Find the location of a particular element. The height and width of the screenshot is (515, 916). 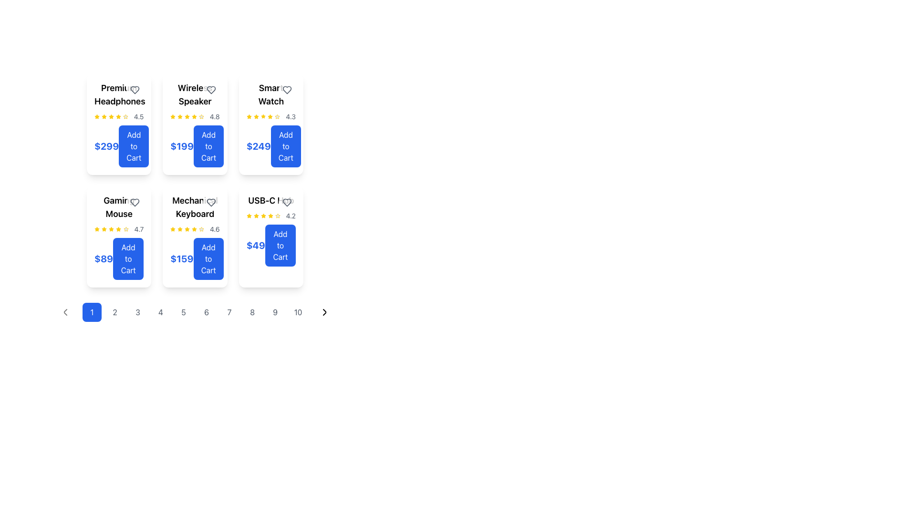

the label displaying the text '$159' in blue color, which is positioned within the 'Mechanical Keyboard' card, below the star rating and above the 'Add to Cart' button is located at coordinates (182, 259).